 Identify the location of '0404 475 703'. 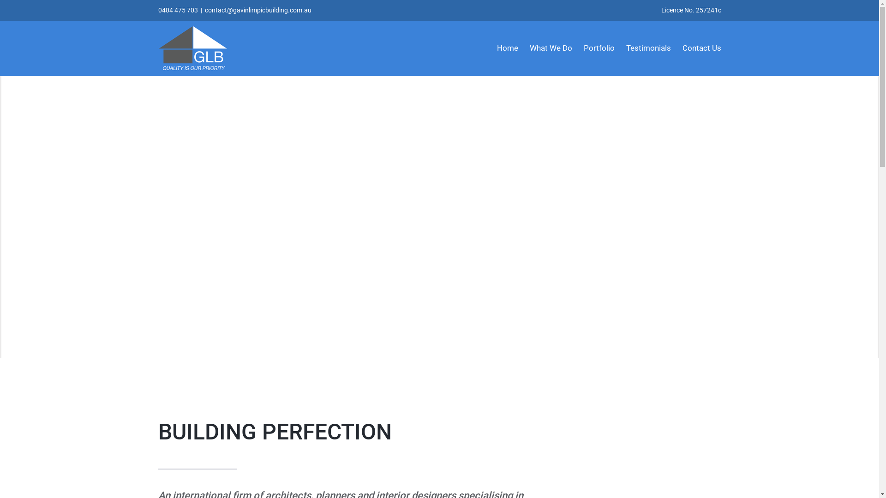
(177, 10).